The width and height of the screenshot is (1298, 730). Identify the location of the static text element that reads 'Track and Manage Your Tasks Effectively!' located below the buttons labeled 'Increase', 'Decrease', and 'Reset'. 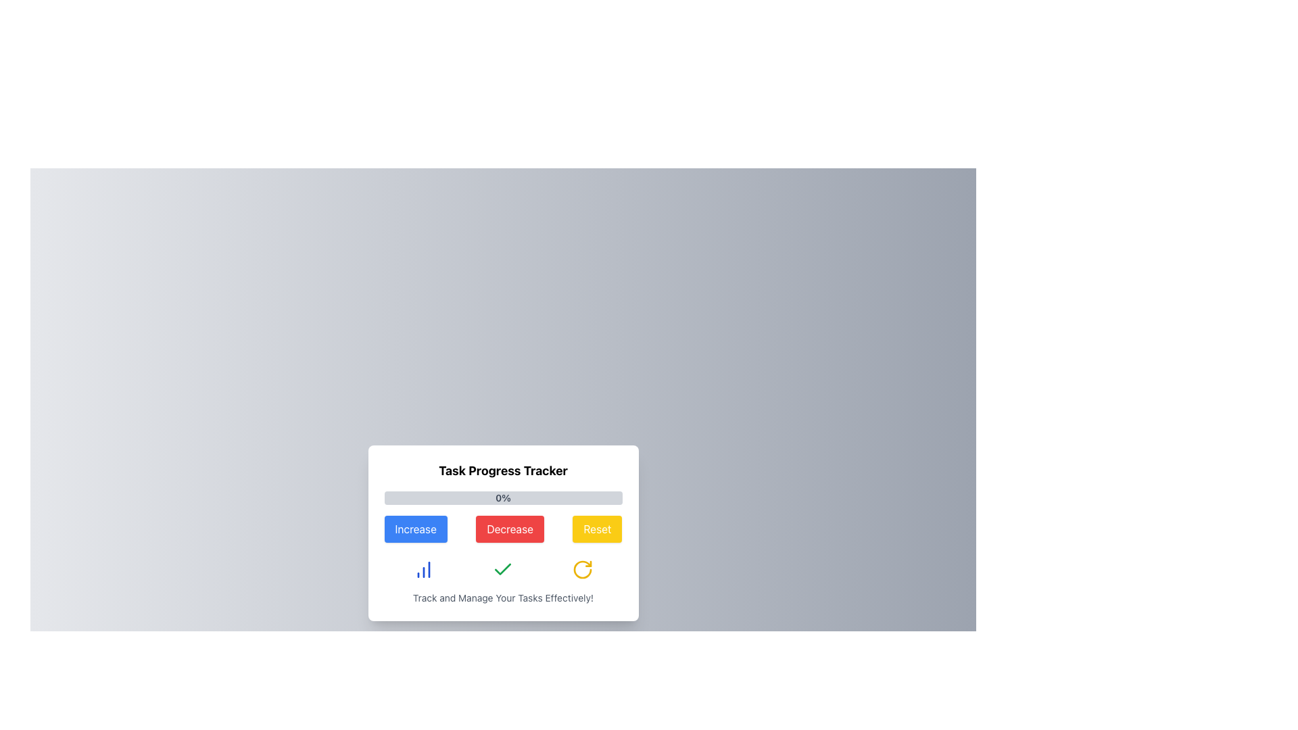
(502, 597).